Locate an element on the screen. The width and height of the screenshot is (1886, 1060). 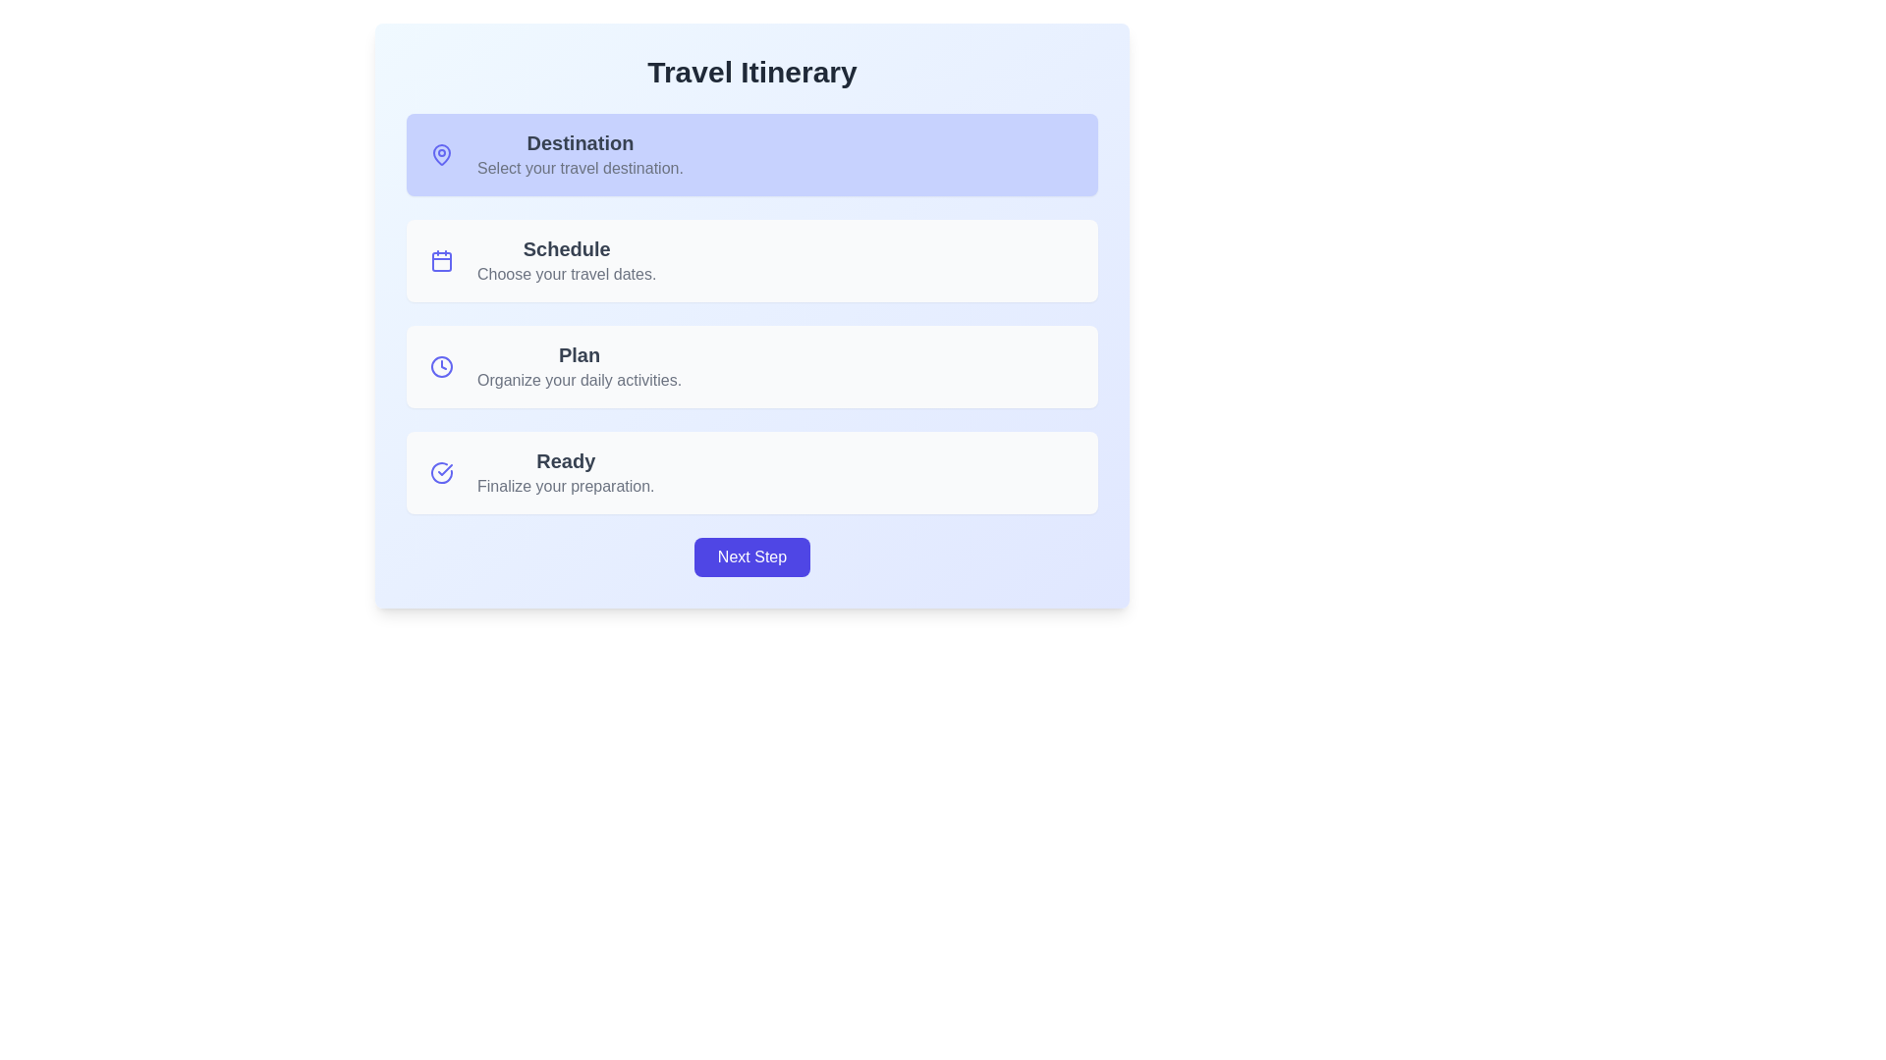
the circular segment of the checkmark icon located in the fourth row of the 'Ready' items list is located at coordinates (441, 473).